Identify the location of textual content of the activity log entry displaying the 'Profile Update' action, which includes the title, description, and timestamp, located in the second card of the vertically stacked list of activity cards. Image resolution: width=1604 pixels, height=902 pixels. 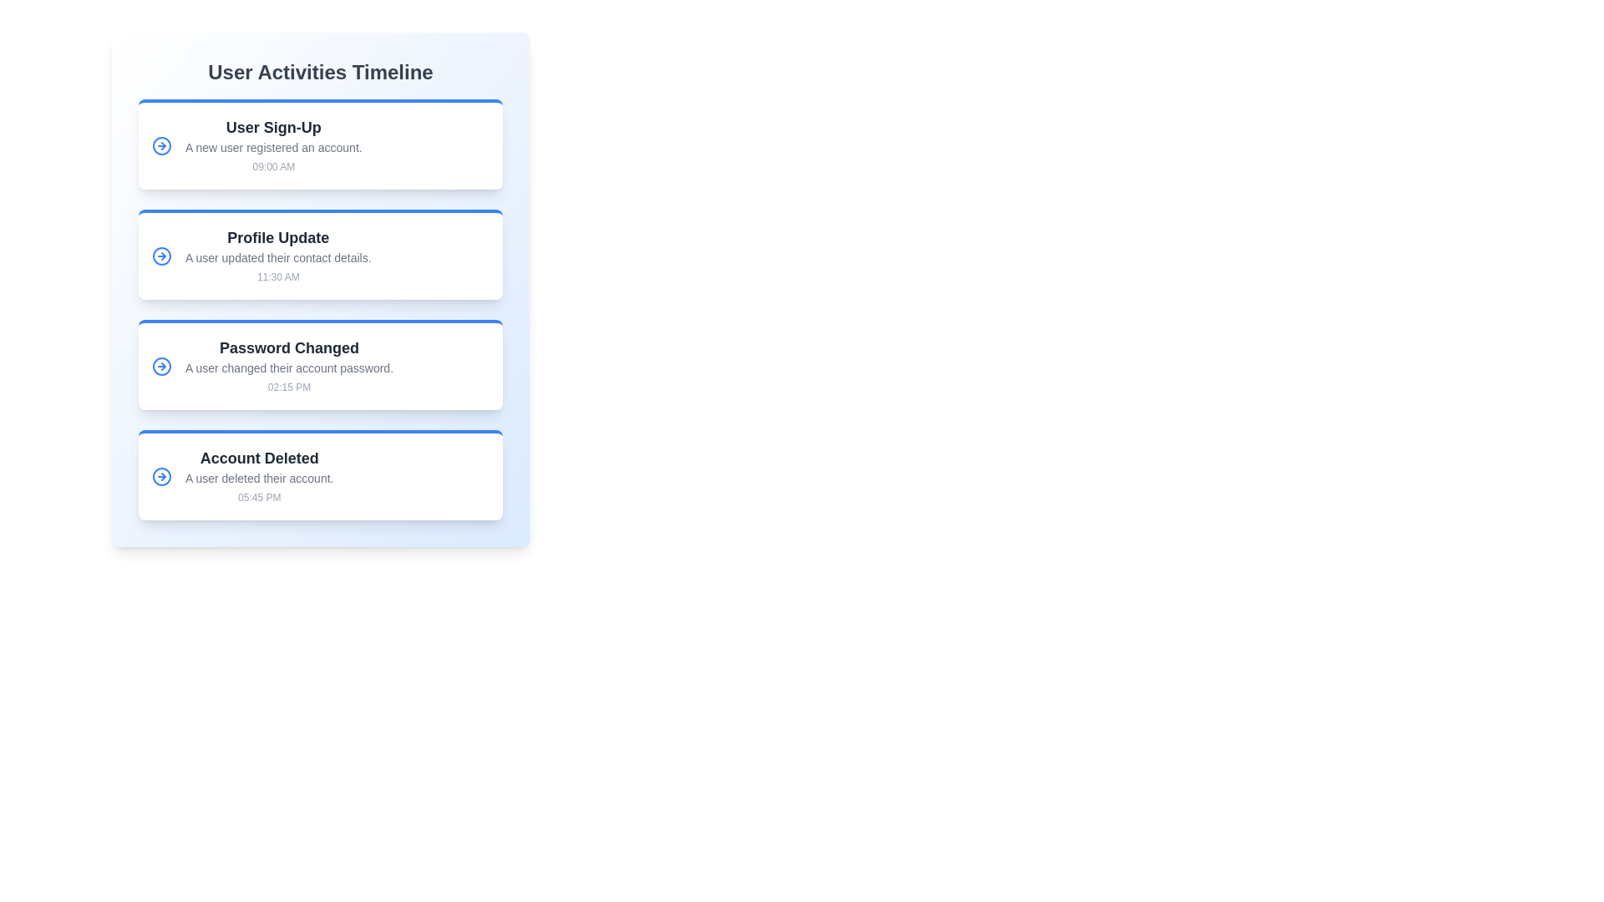
(278, 256).